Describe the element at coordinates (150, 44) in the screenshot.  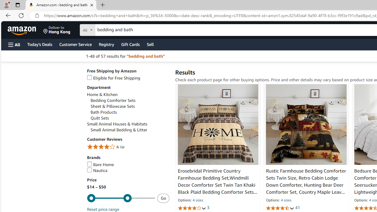
I see `'Sell'` at that location.